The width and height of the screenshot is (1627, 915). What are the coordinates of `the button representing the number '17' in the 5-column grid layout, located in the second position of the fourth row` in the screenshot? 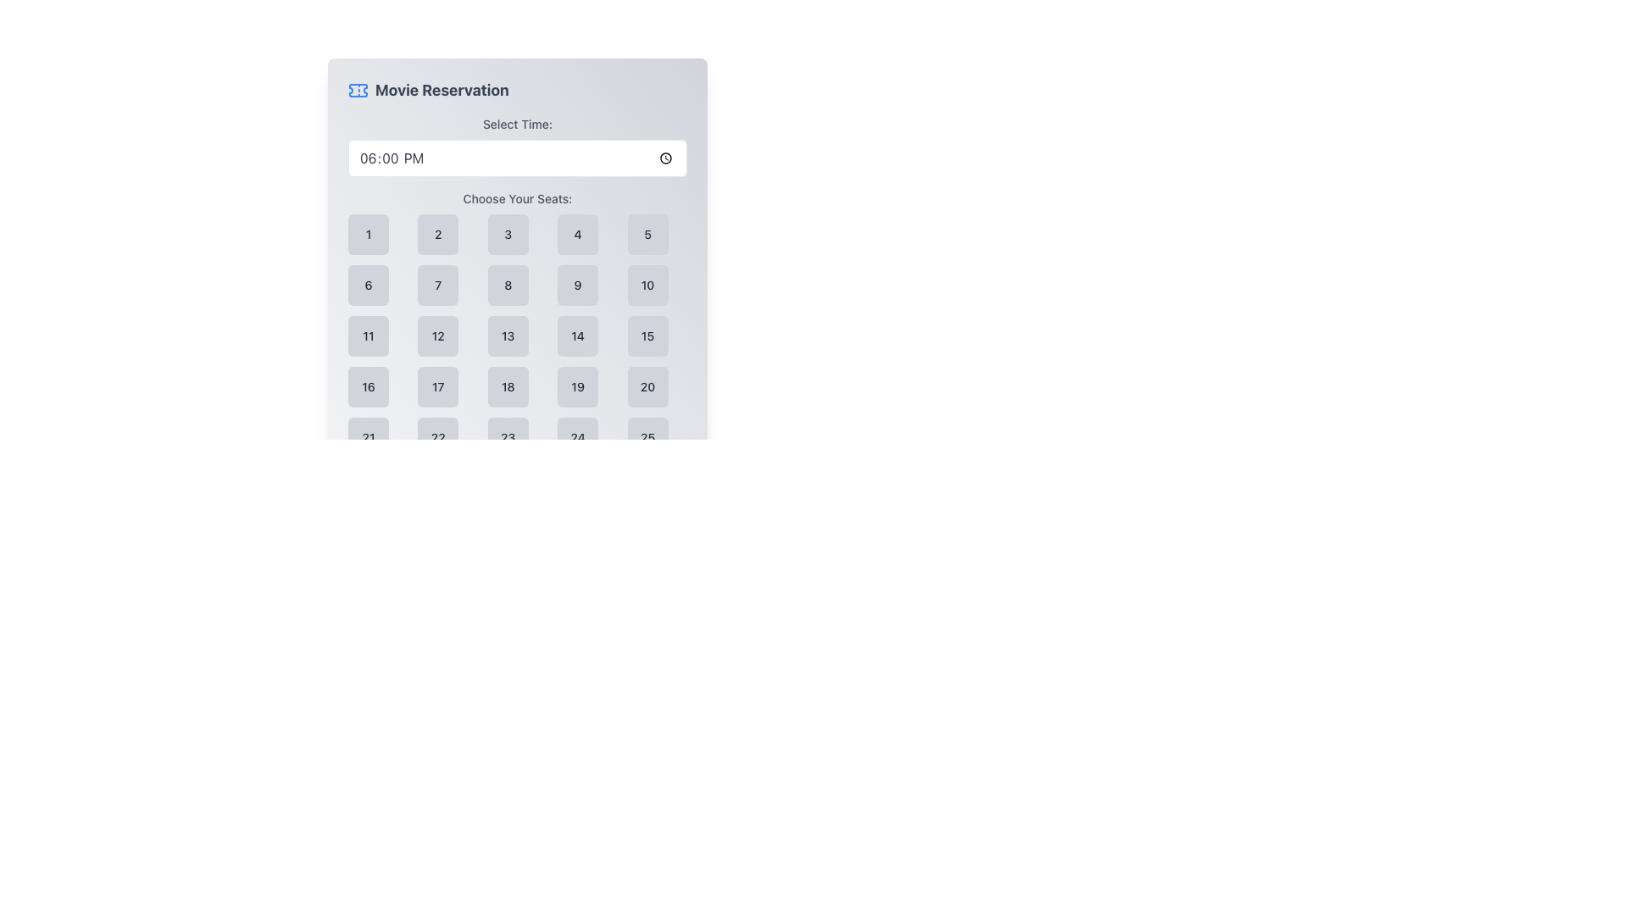 It's located at (438, 386).